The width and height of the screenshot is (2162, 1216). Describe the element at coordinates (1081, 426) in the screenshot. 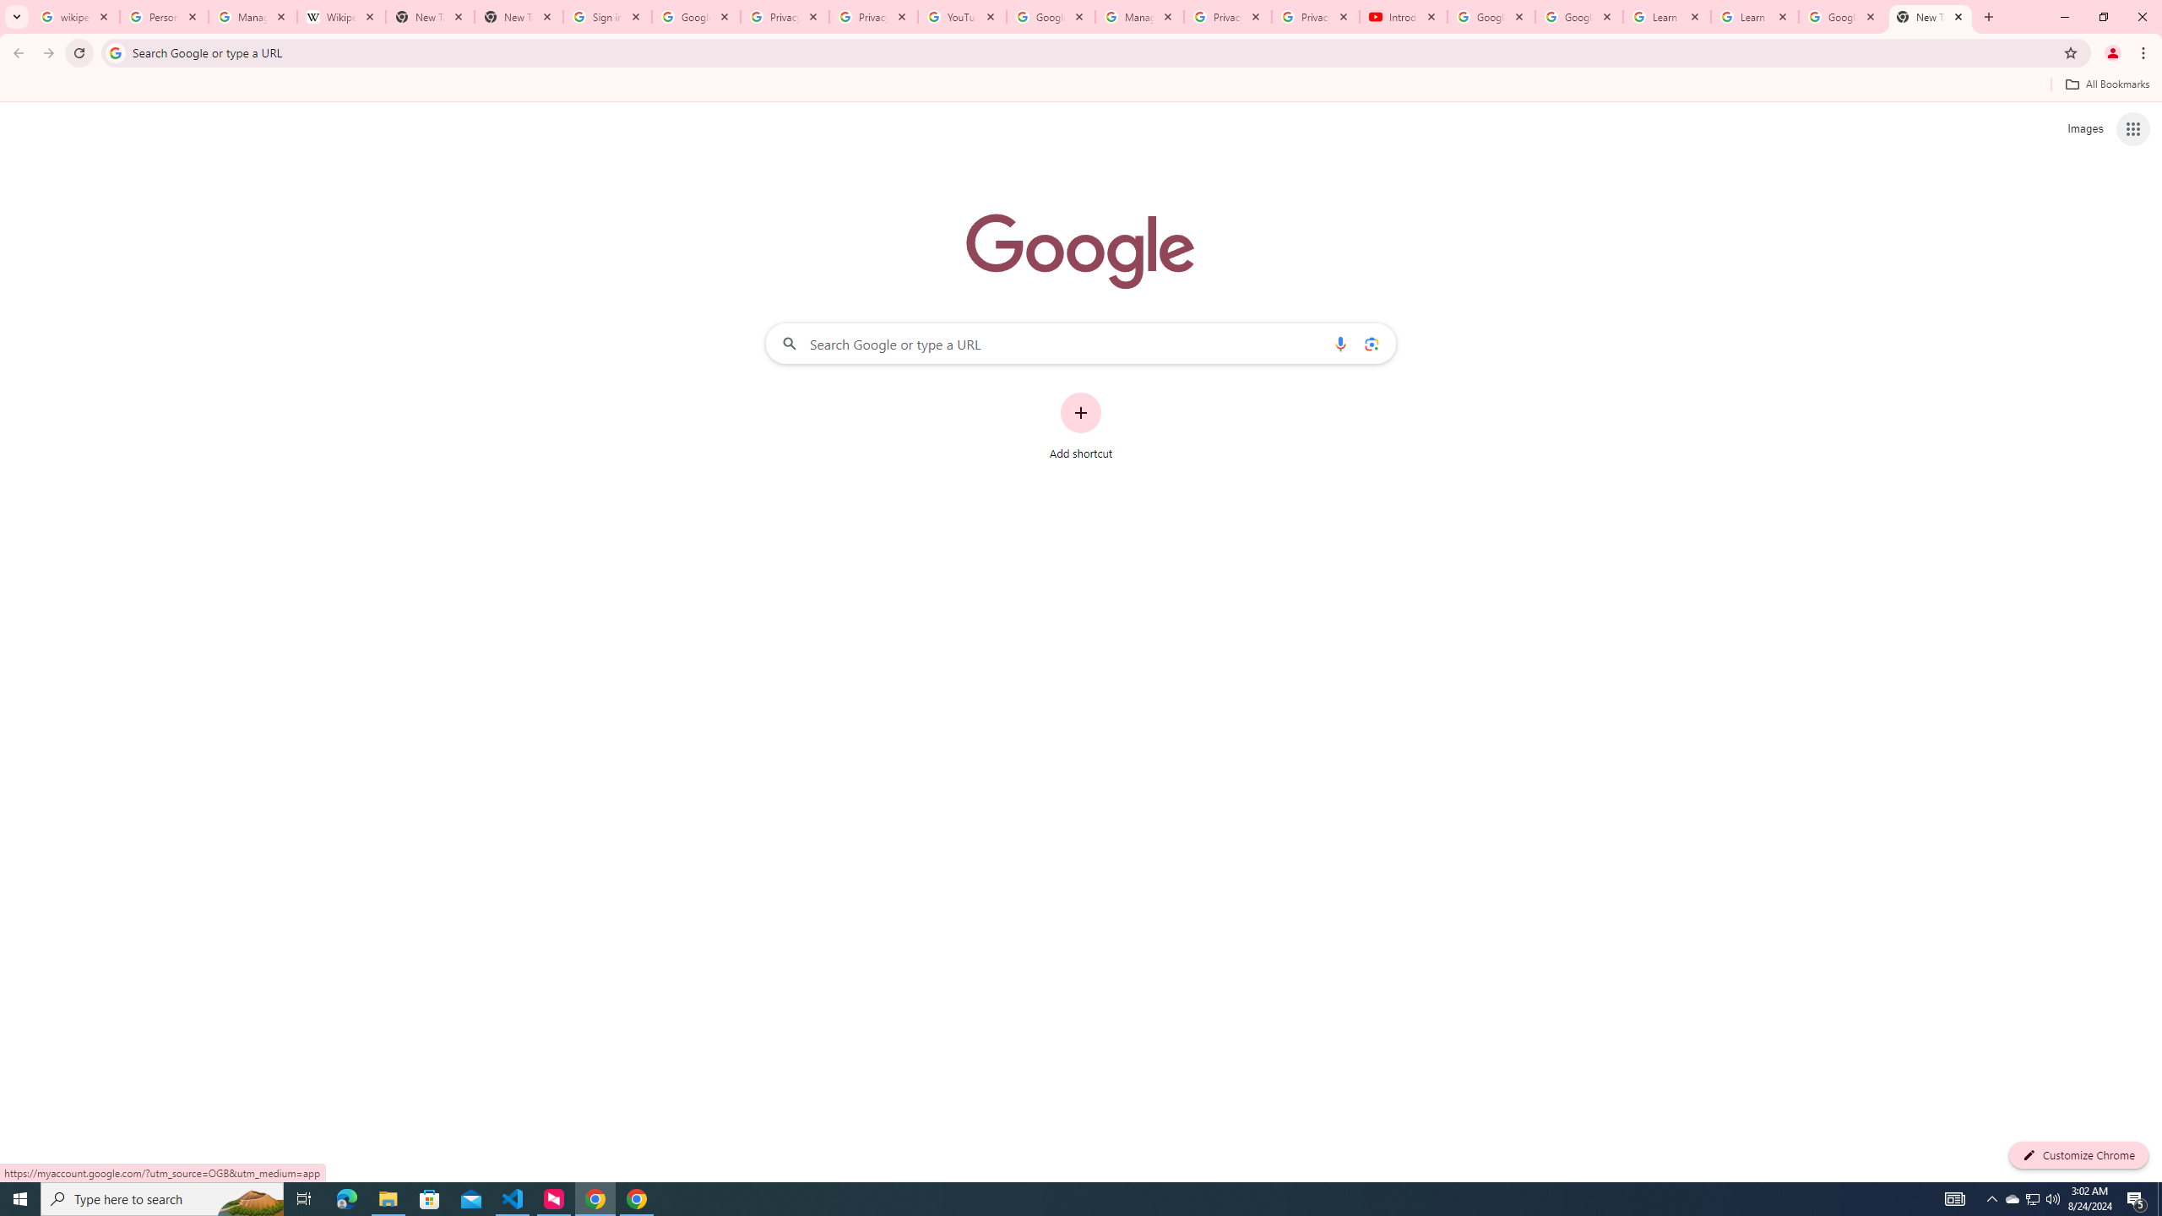

I see `'Add shortcut'` at that location.